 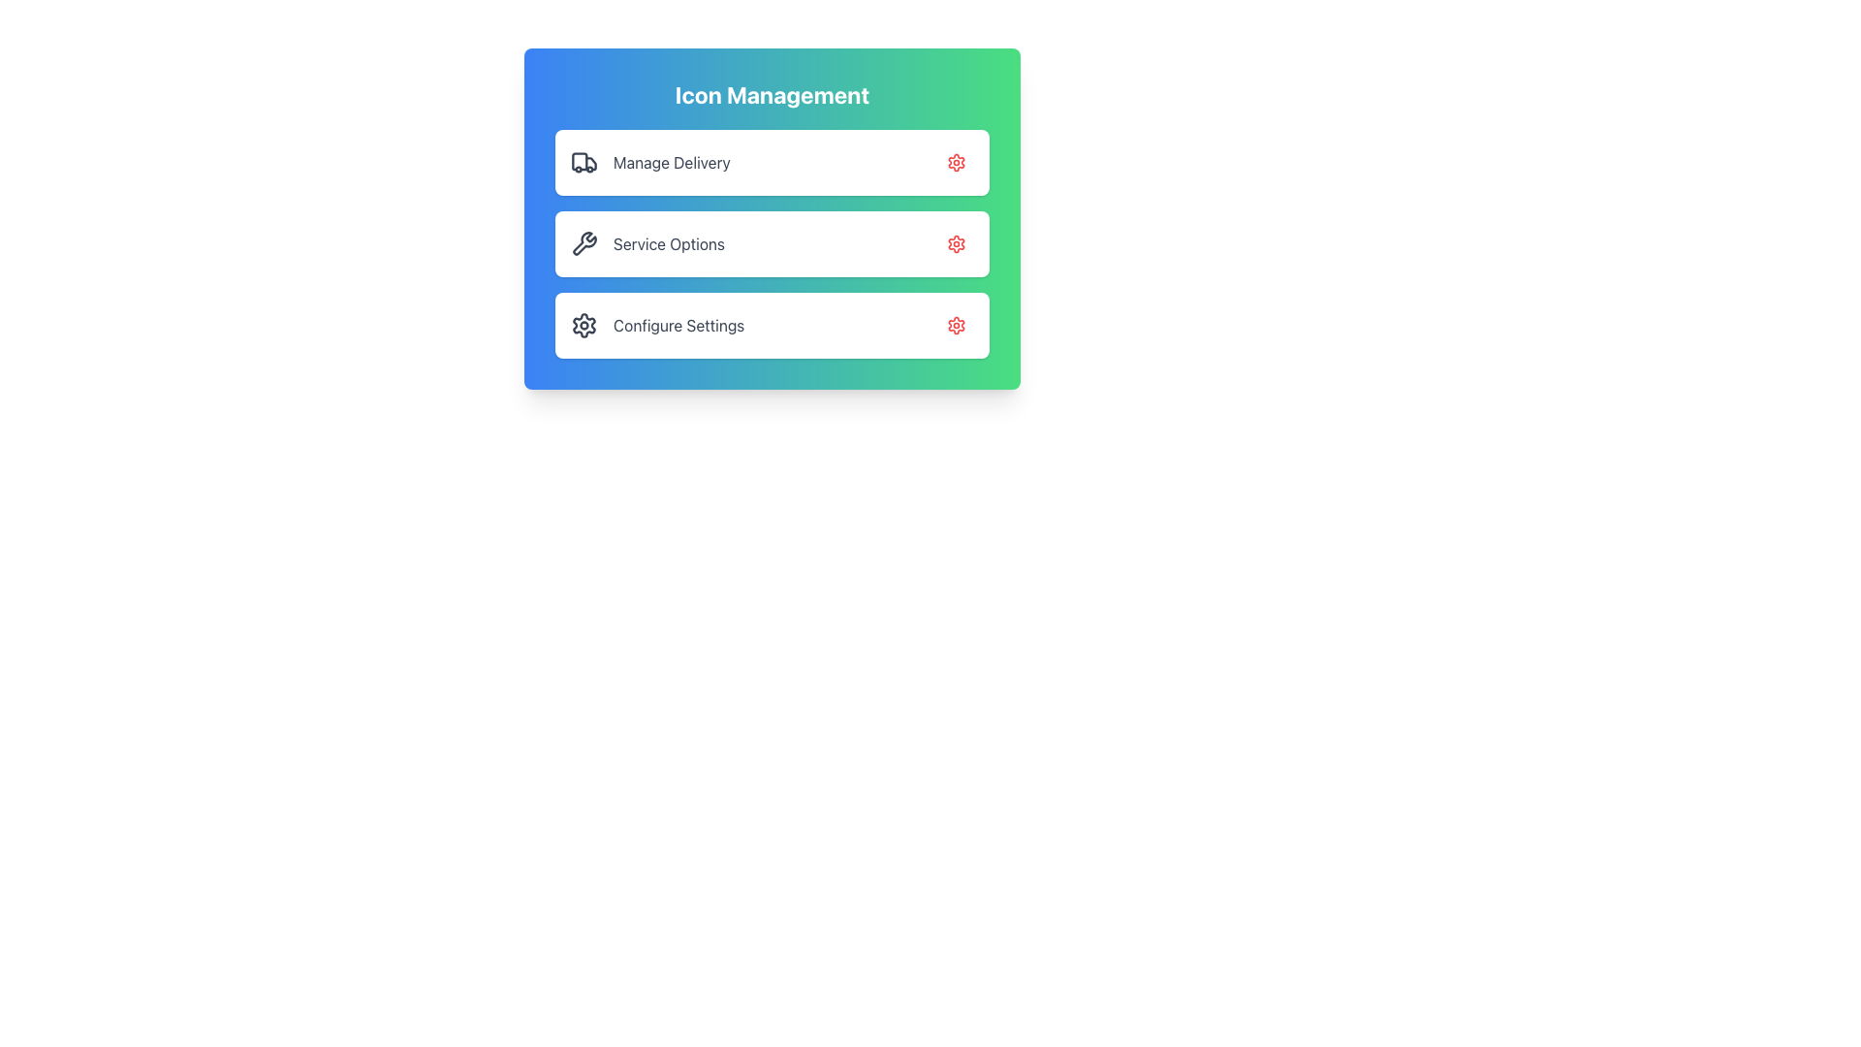 I want to click on the 'Manage Delivery' list item, which features a delivery truck icon and is located at the top of the vertical menu within the 'Icon Management' card, so click(x=650, y=162).